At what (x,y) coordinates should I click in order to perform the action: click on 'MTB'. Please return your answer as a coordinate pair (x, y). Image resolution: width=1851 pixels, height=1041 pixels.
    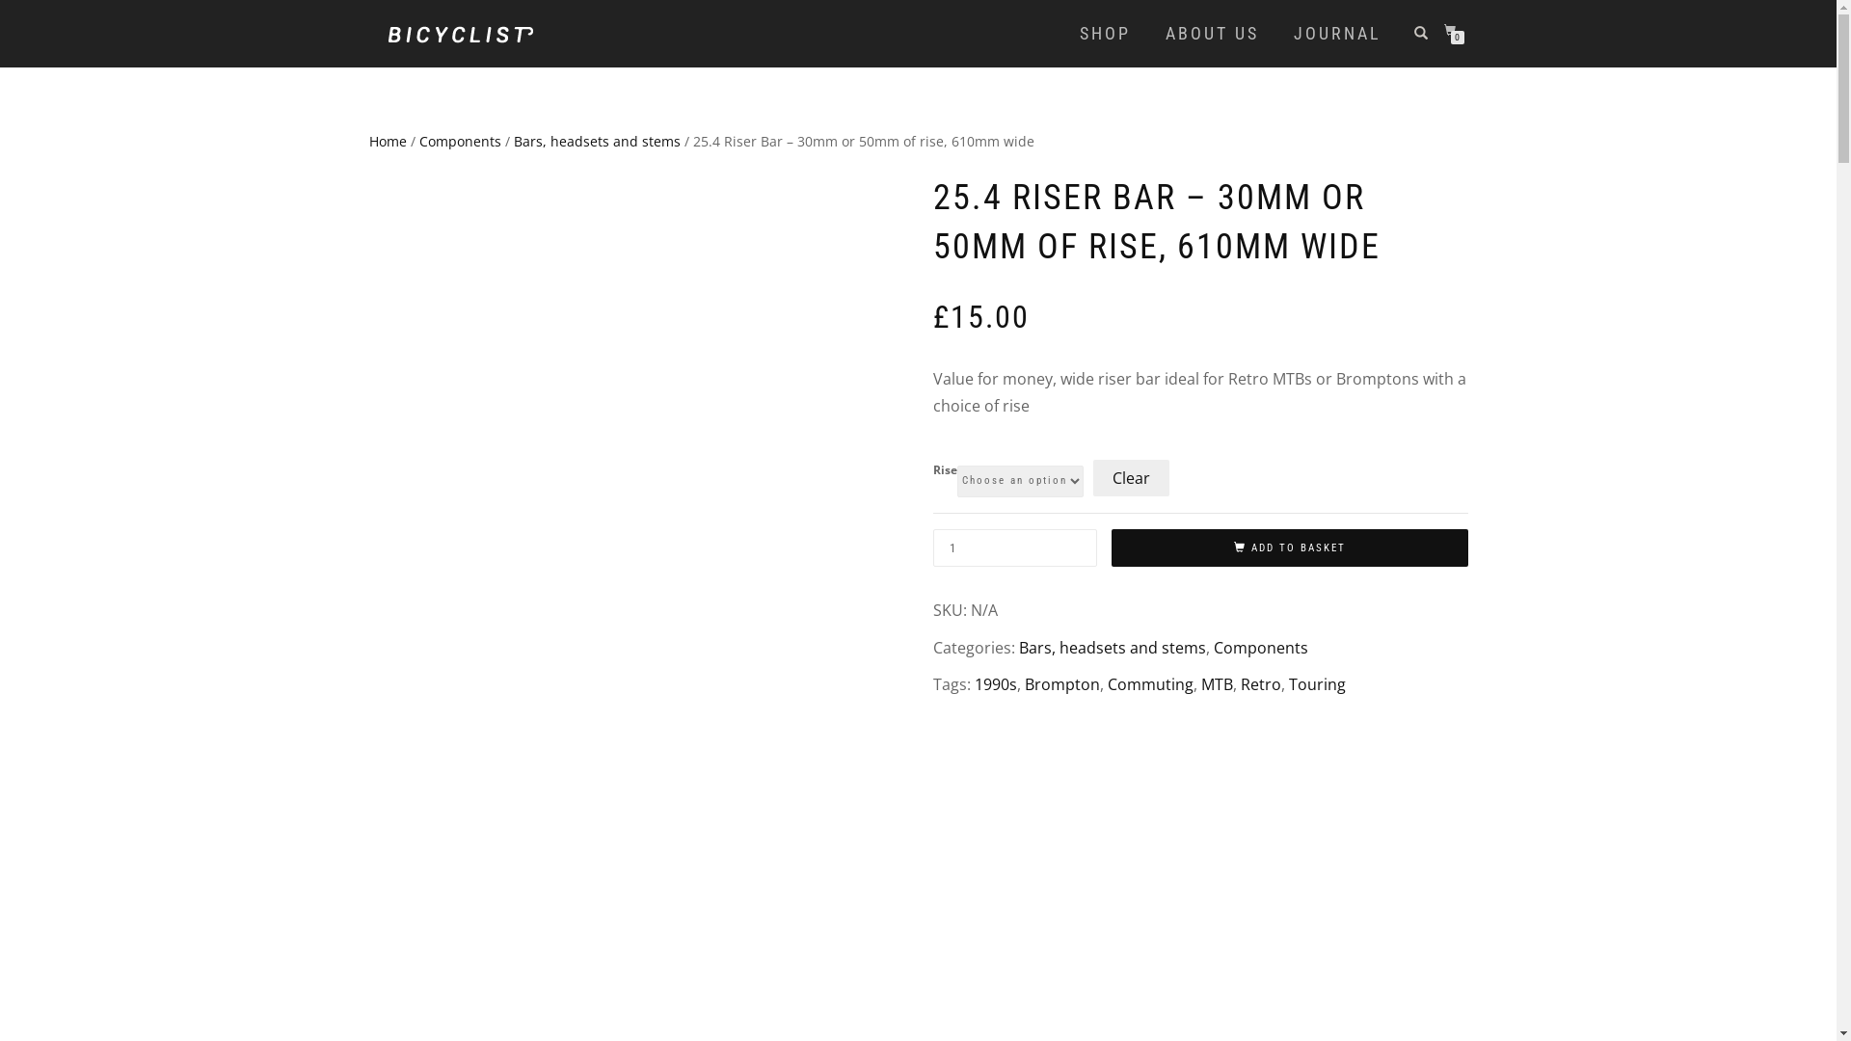
    Looking at the image, I should click on (1216, 682).